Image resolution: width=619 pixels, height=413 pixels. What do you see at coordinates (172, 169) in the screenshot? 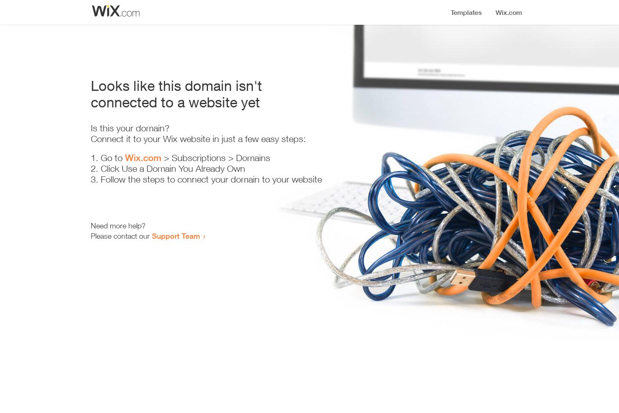
I see `'Click Use a Domain You Already Own'` at bounding box center [172, 169].